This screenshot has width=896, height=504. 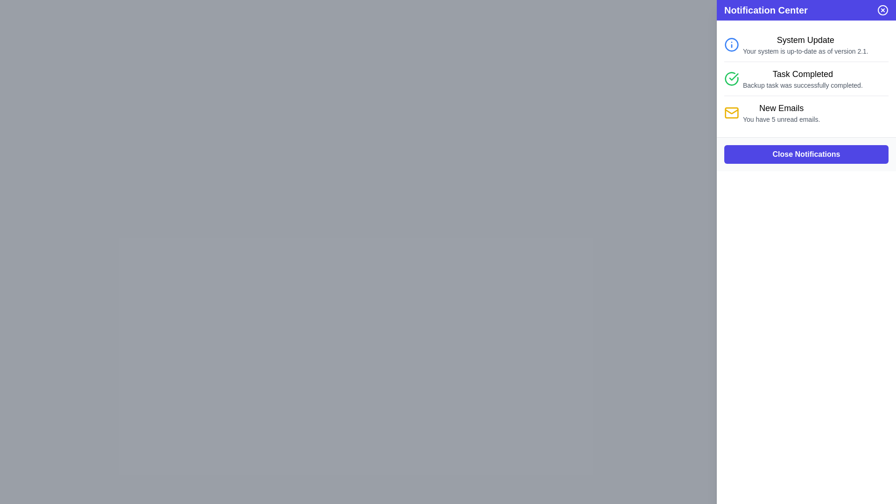 What do you see at coordinates (781, 112) in the screenshot?
I see `the 'New Emails' text display element, which shows the title 'New Emails' and the subtitle 'You have 5 unread emails.' positioned within the notification center panel` at bounding box center [781, 112].